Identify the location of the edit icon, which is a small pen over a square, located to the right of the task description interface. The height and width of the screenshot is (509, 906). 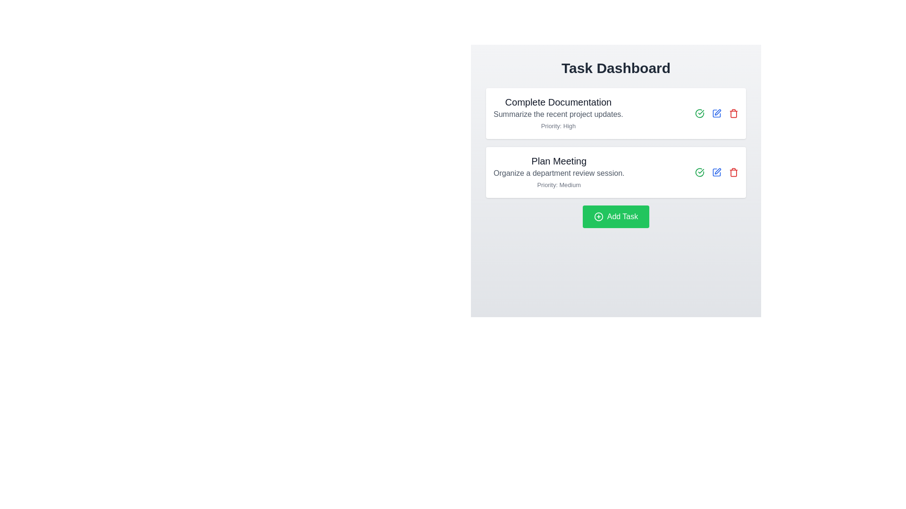
(717, 112).